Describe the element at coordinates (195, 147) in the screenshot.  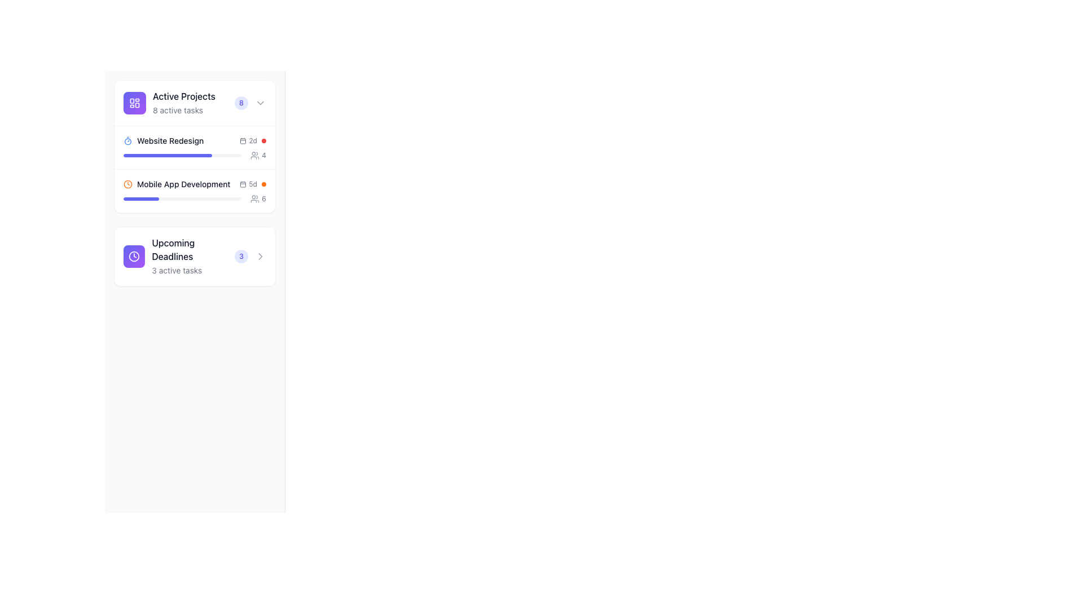
I see `the 'Website Redesign' project list item` at that location.